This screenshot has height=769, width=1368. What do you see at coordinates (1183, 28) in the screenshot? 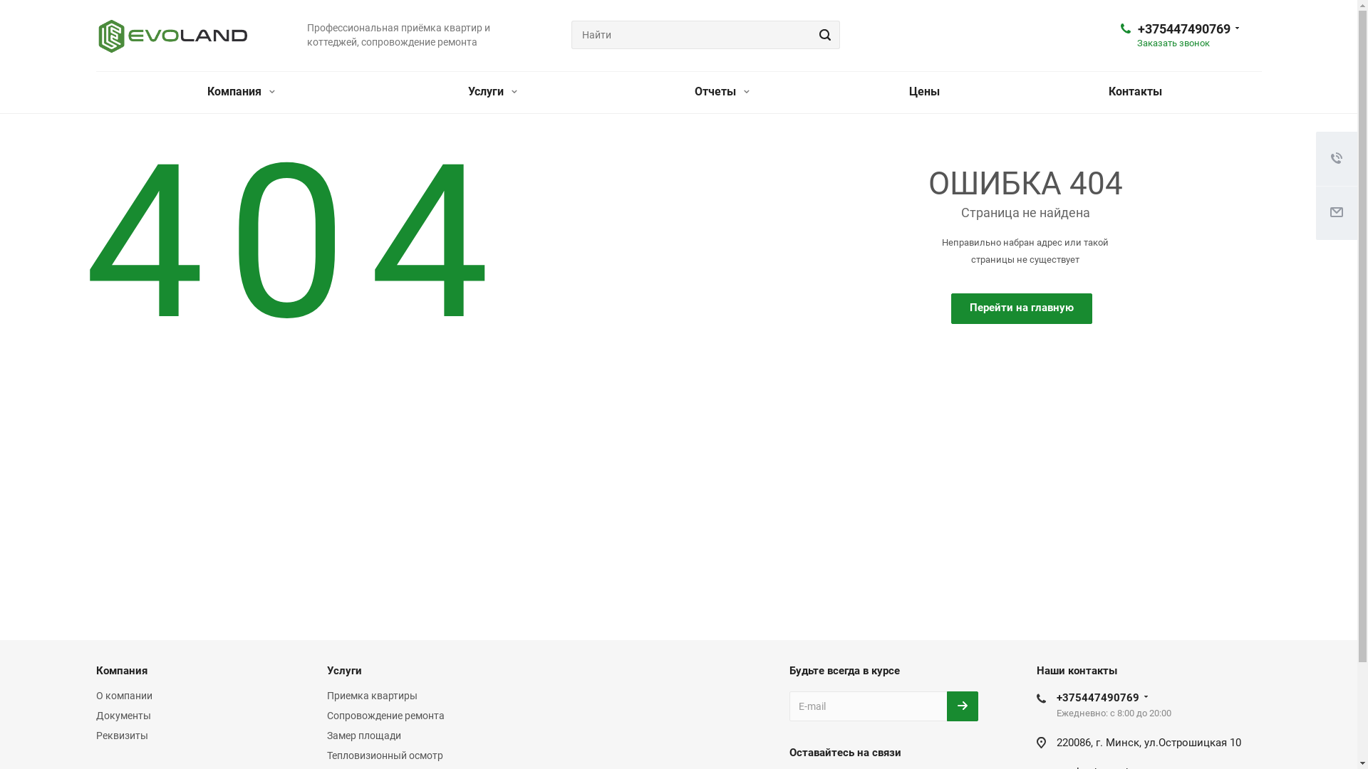
I see `'+375447490769'` at bounding box center [1183, 28].